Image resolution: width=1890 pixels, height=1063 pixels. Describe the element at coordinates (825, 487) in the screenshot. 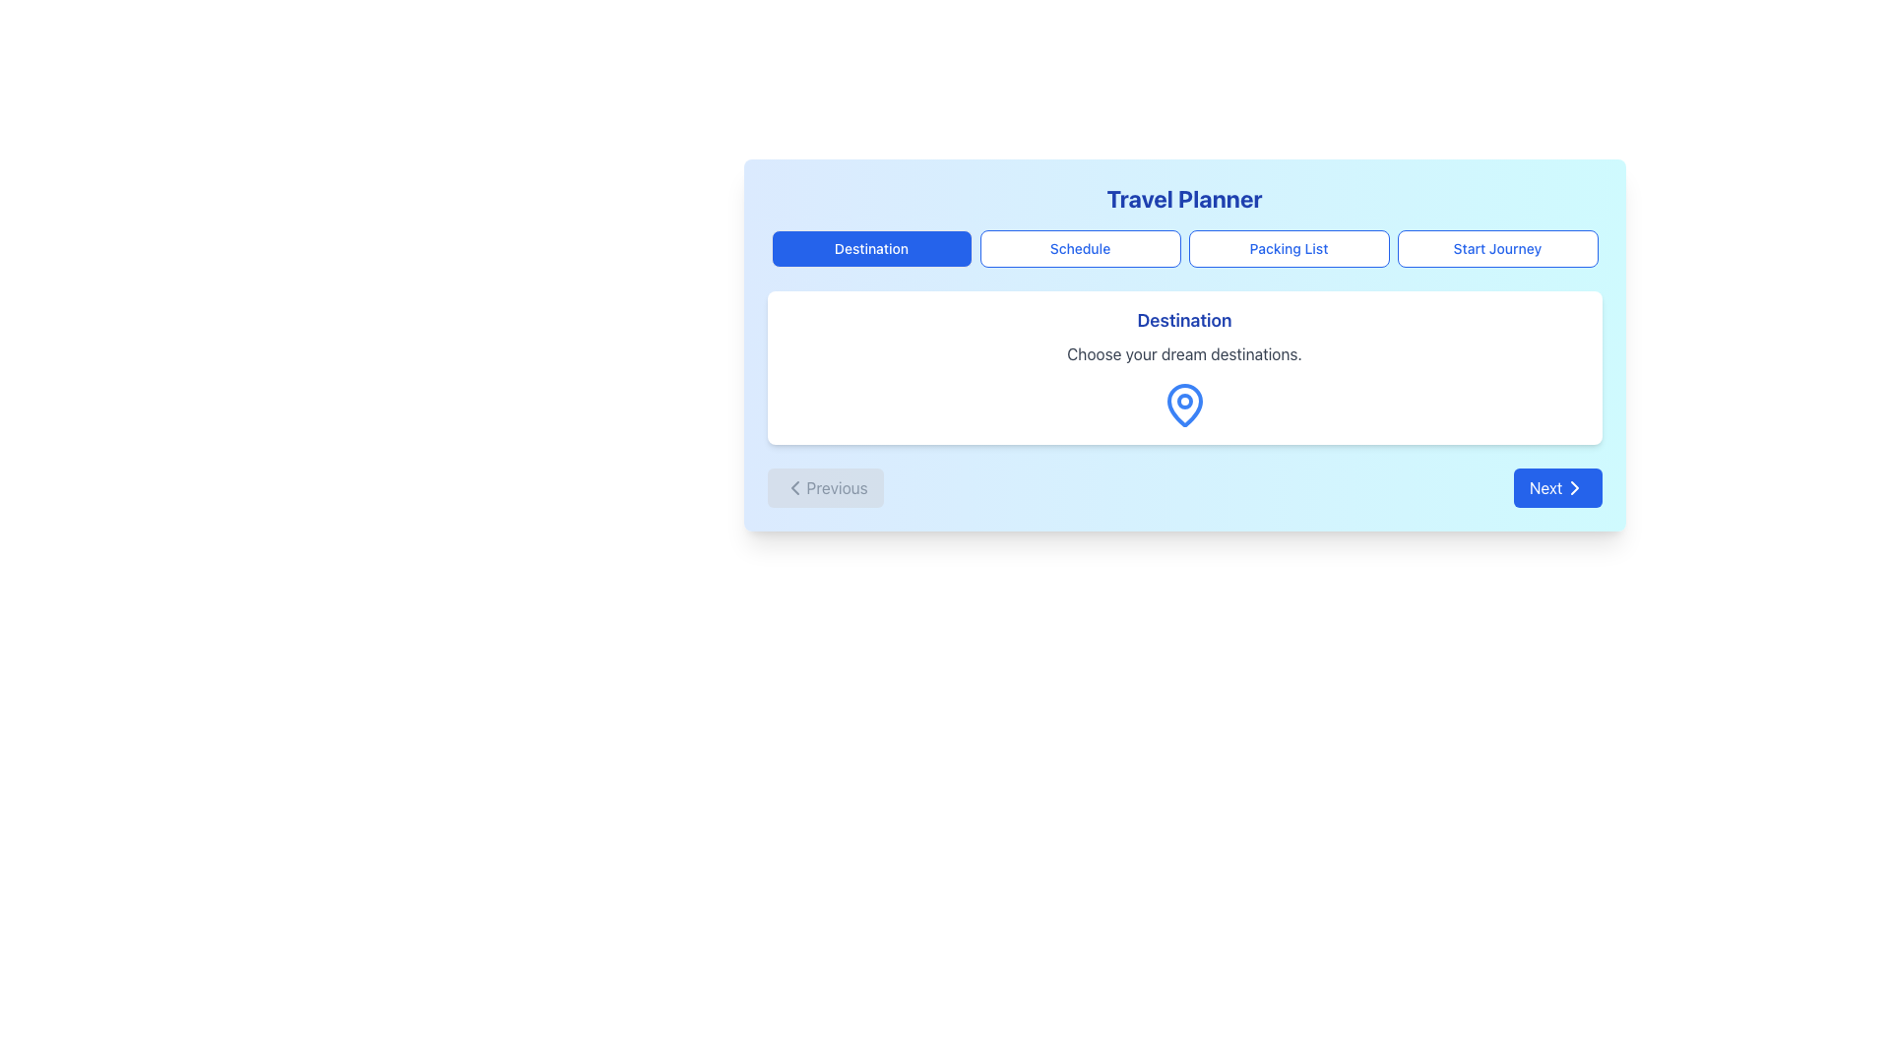

I see `the 'Previous' button located at the lower-left corner of the navigation section` at that location.